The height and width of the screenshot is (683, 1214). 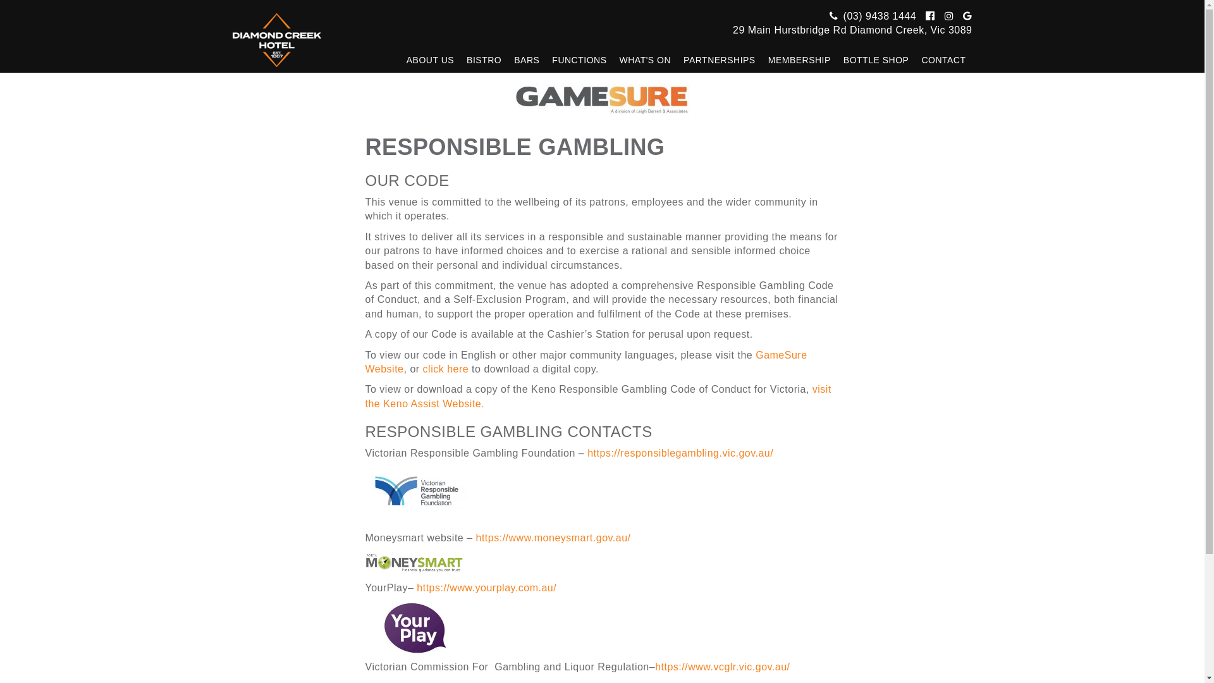 I want to click on 'click here', so click(x=446, y=369).